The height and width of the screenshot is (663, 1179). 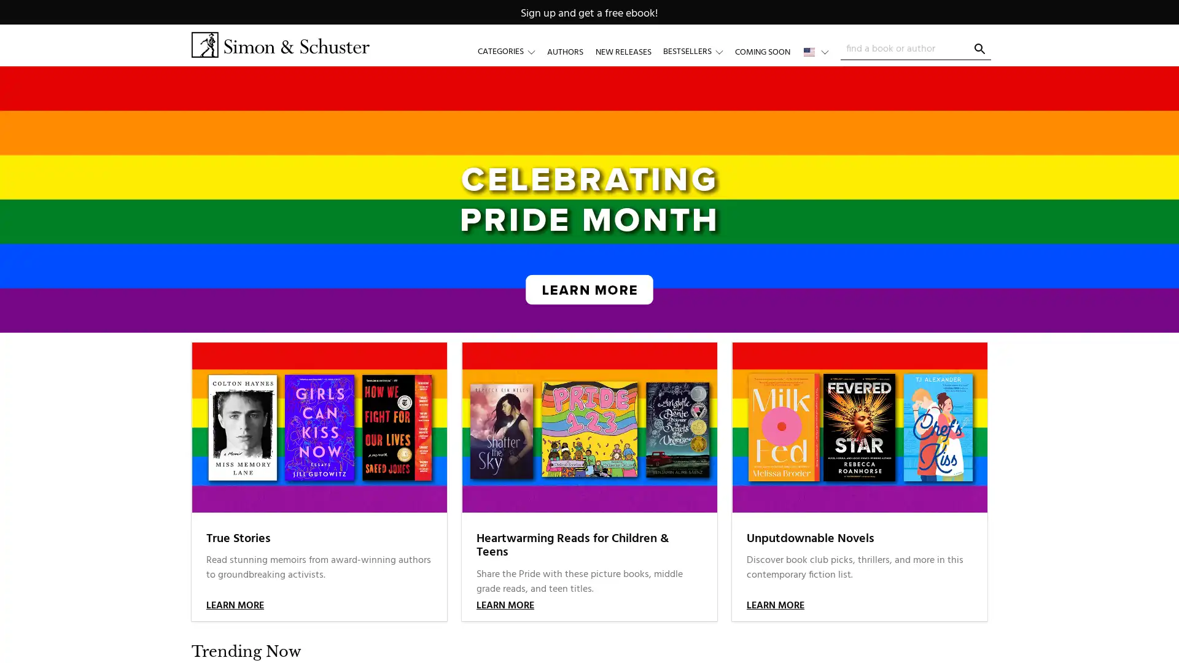 What do you see at coordinates (623, 51) in the screenshot?
I see `NEW RELEASES` at bounding box center [623, 51].